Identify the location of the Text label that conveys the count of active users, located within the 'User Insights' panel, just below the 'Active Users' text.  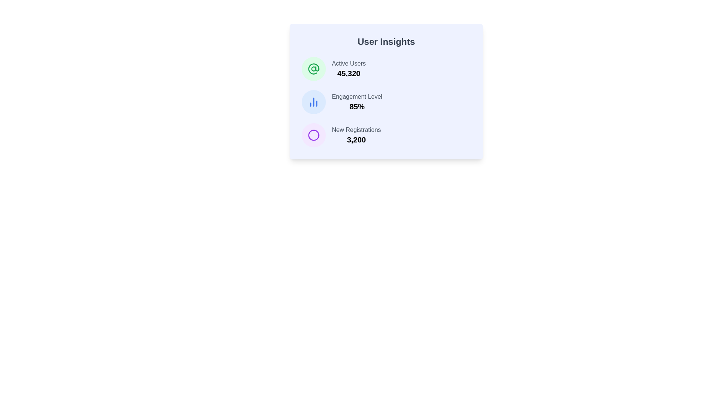
(348, 73).